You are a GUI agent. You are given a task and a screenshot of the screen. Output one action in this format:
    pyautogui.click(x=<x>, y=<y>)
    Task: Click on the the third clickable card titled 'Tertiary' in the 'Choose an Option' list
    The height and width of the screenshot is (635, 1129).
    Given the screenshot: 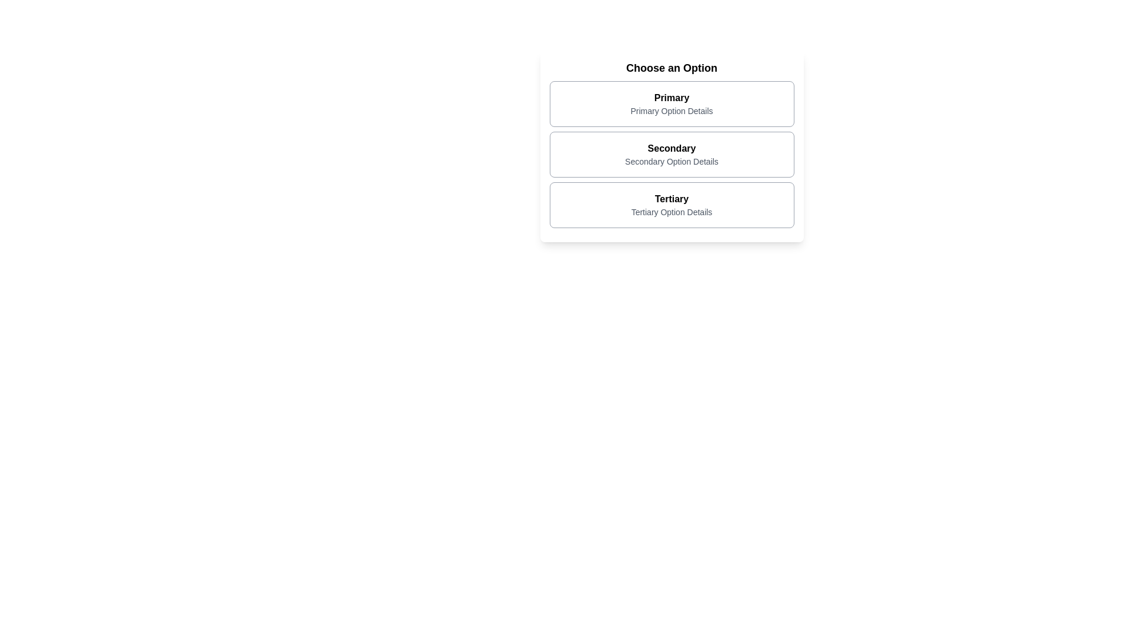 What is the action you would take?
    pyautogui.click(x=672, y=204)
    